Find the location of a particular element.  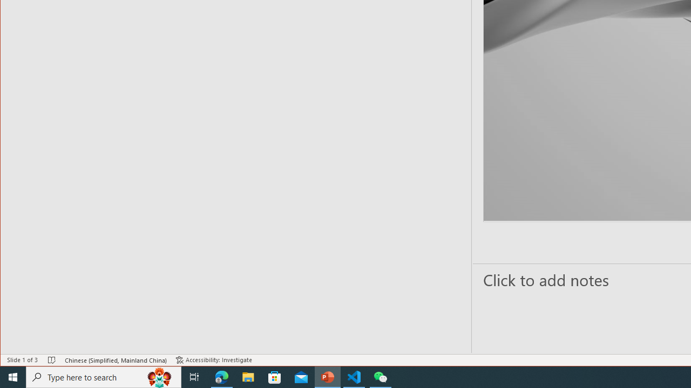

'Microsoft Store' is located at coordinates (275, 376).